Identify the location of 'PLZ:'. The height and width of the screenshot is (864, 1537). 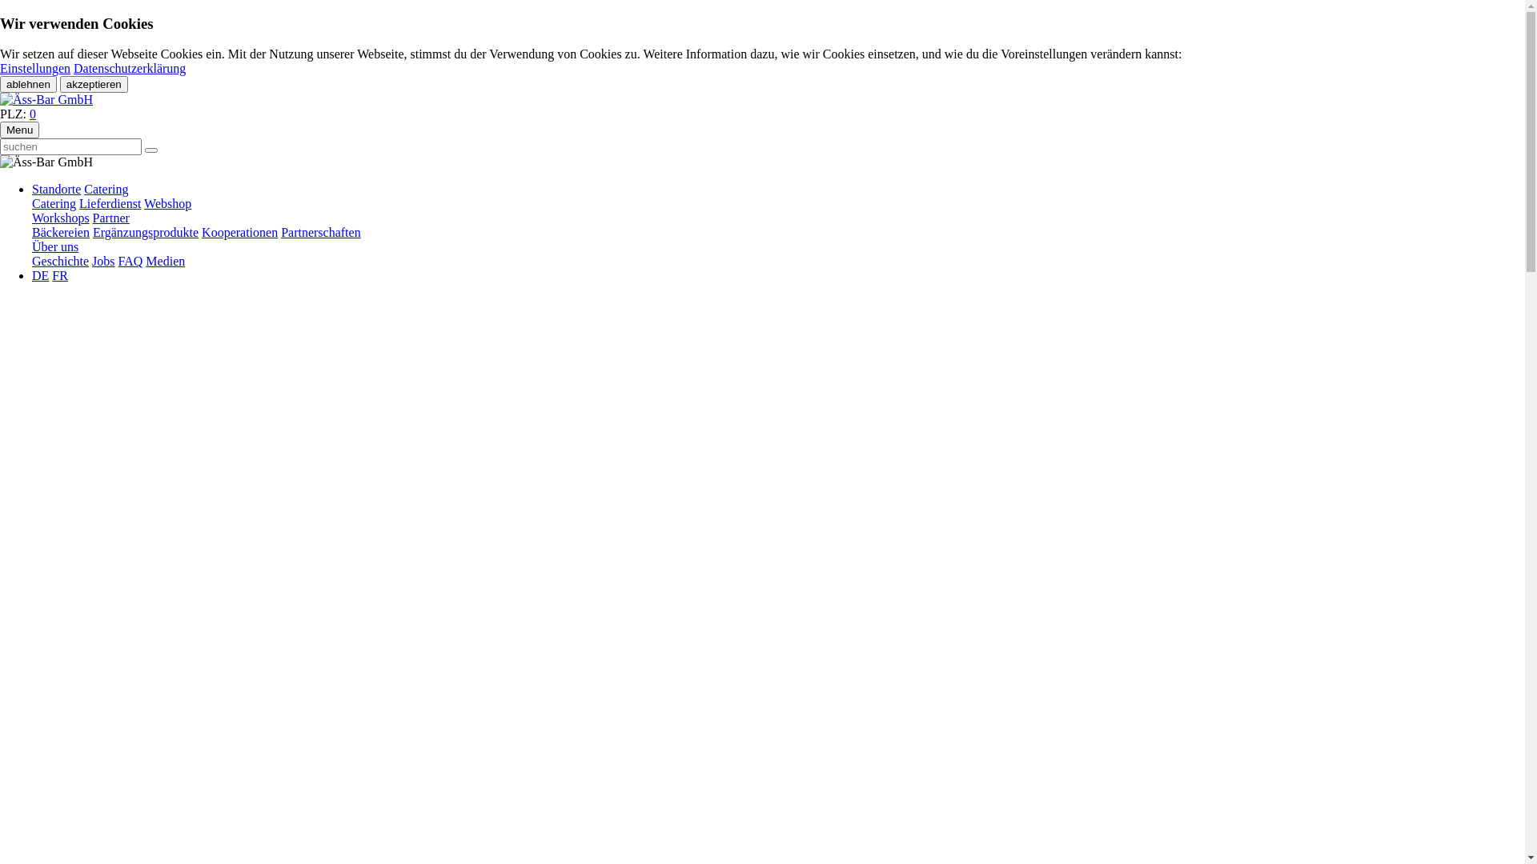
(0, 113).